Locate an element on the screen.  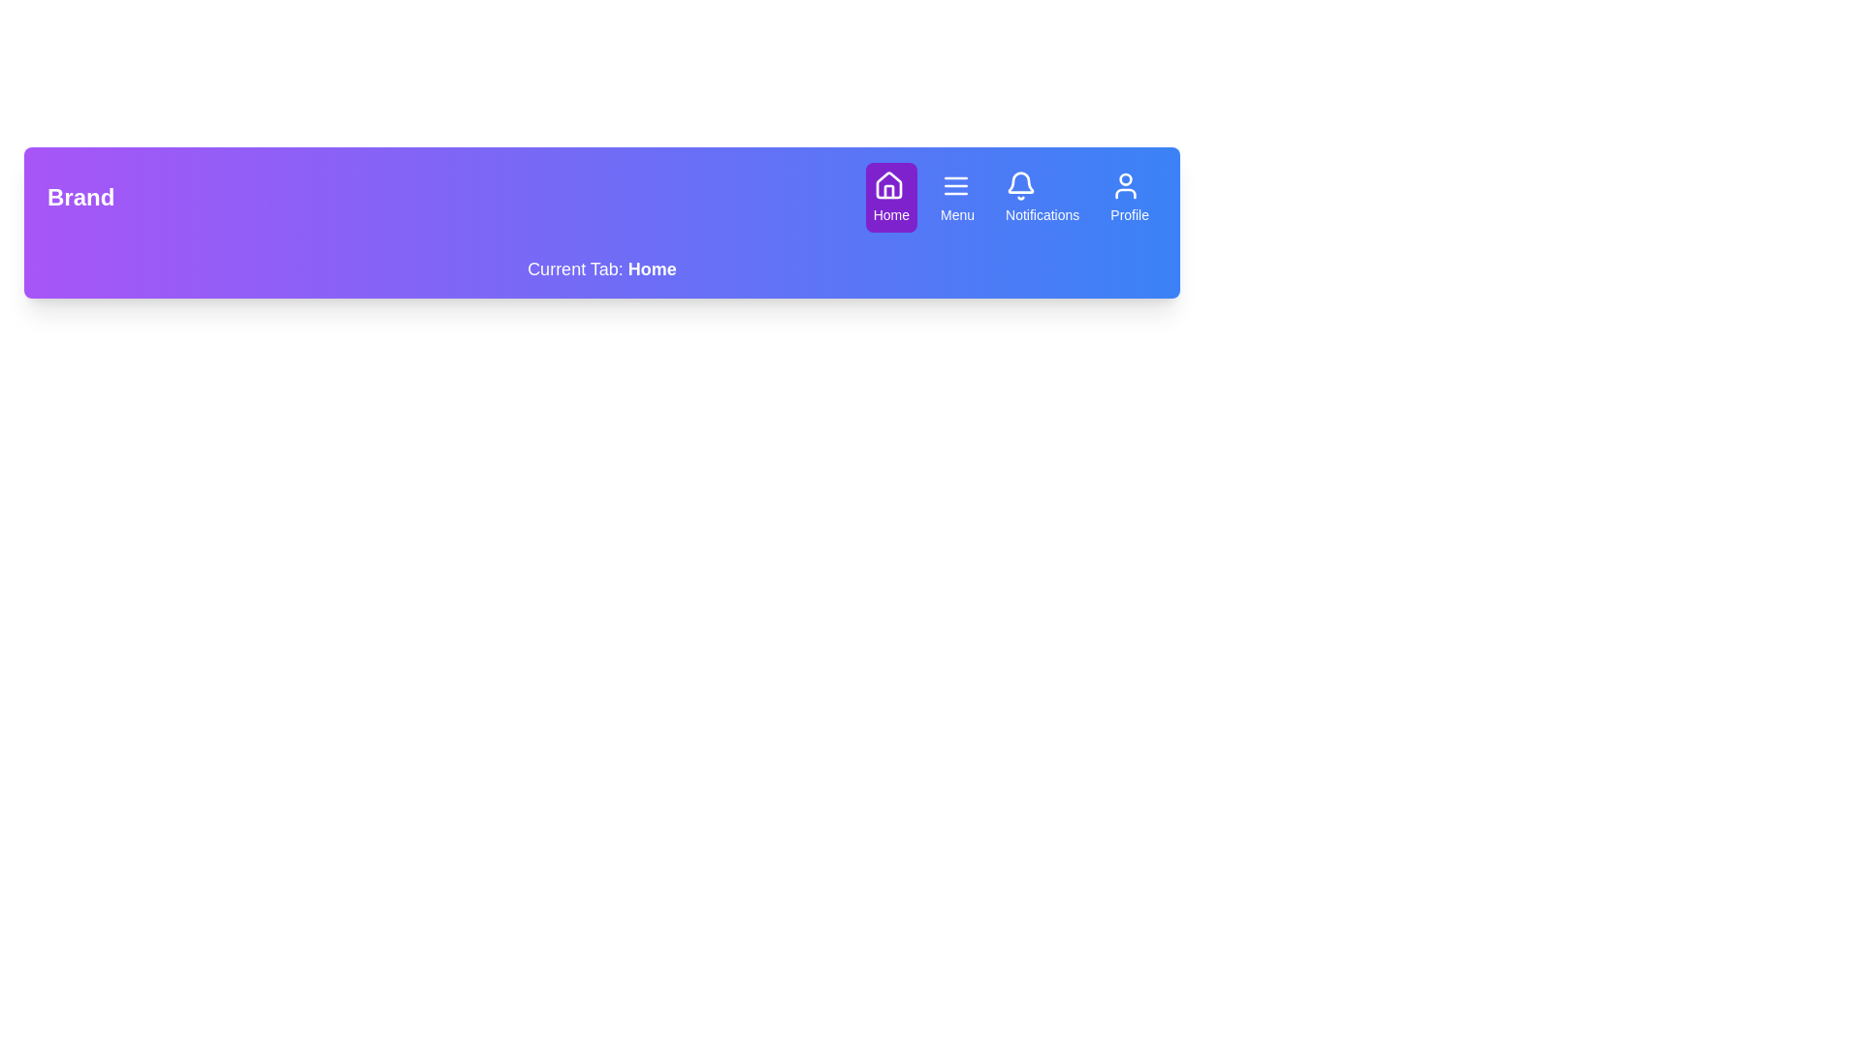
the navigation menu bar containing interactive links is located at coordinates (1010, 198).